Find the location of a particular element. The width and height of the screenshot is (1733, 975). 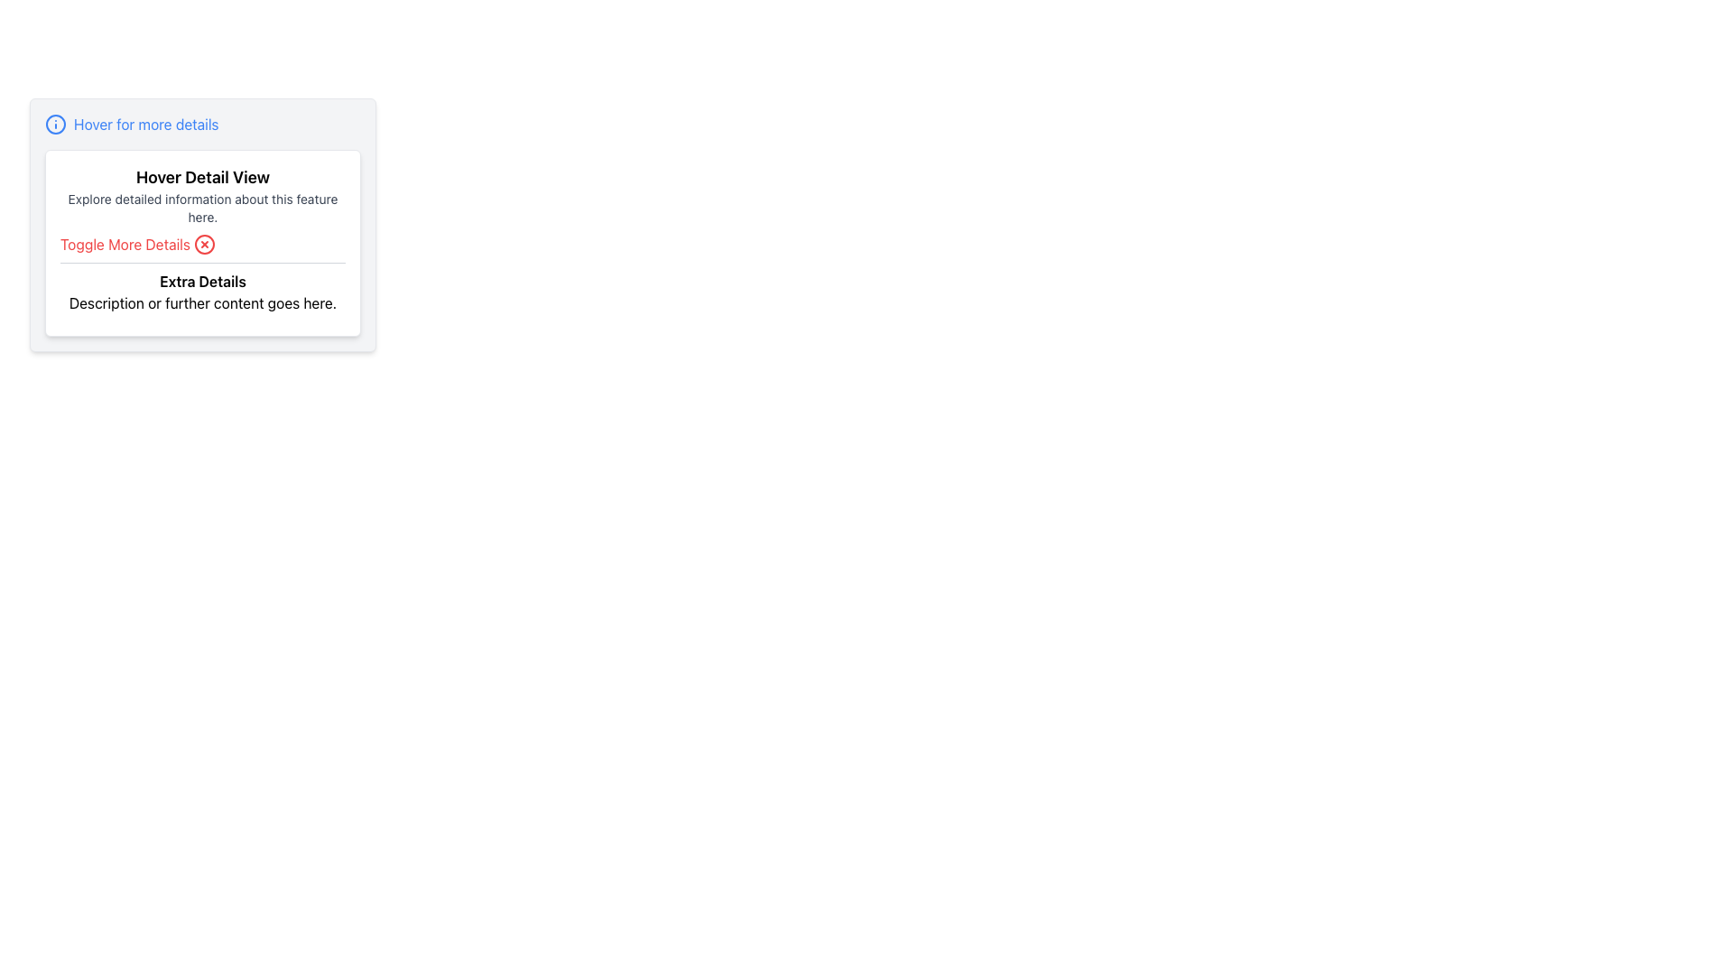

the information icon located to the far left of the text 'Hover for more details.' is located at coordinates (56, 124).